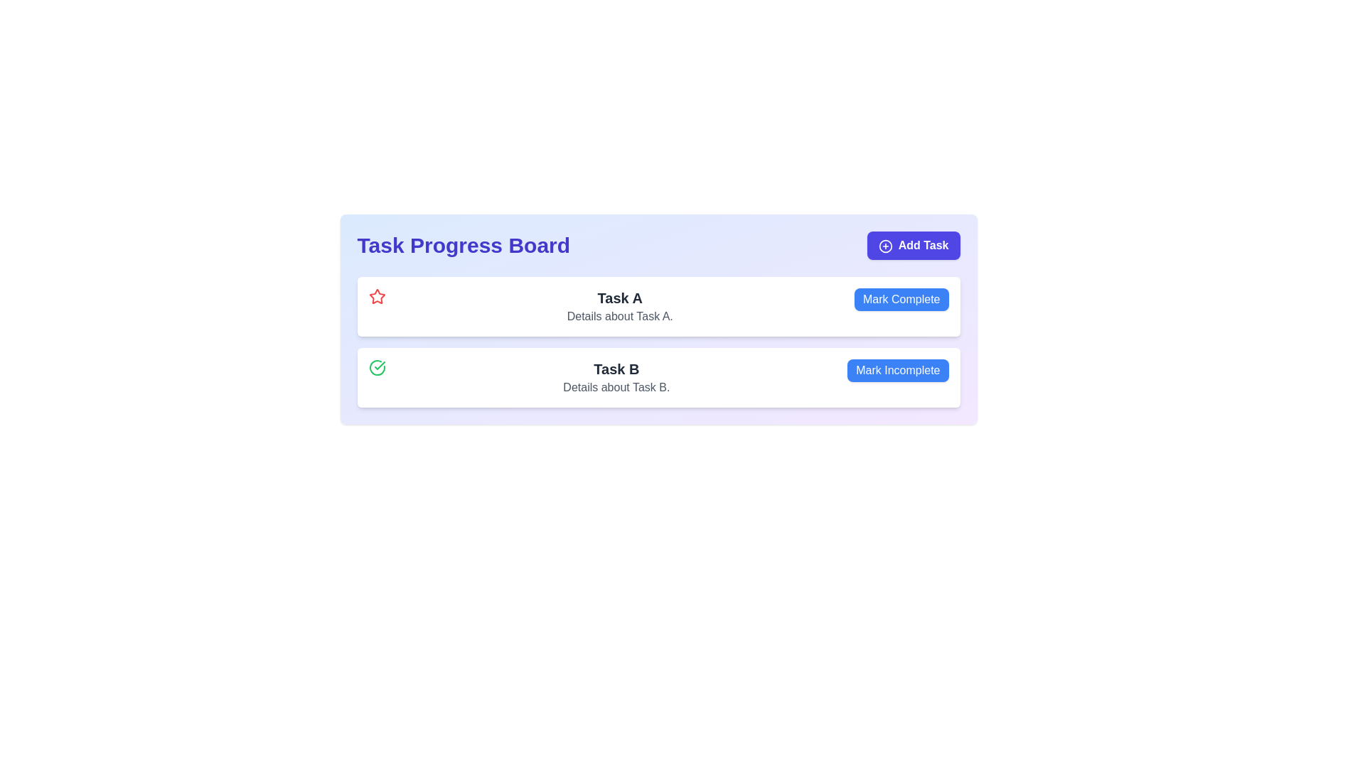 This screenshot has height=767, width=1365. I want to click on the decorative icon next to the 'Add Task' button in the top-right corner of the task board interface, so click(884, 245).